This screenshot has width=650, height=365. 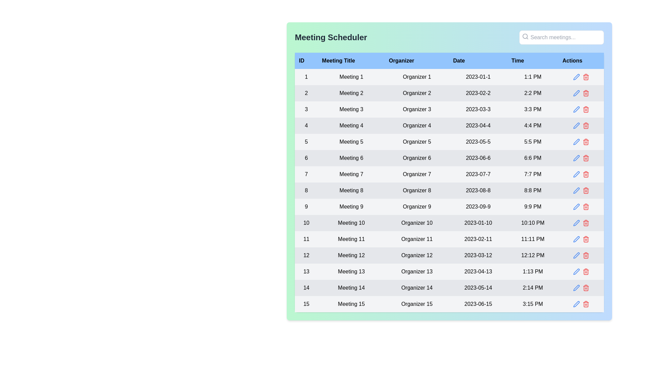 I want to click on the text displaying the title of the ninth meeting in the meeting schedule for accessibility, so click(x=351, y=206).